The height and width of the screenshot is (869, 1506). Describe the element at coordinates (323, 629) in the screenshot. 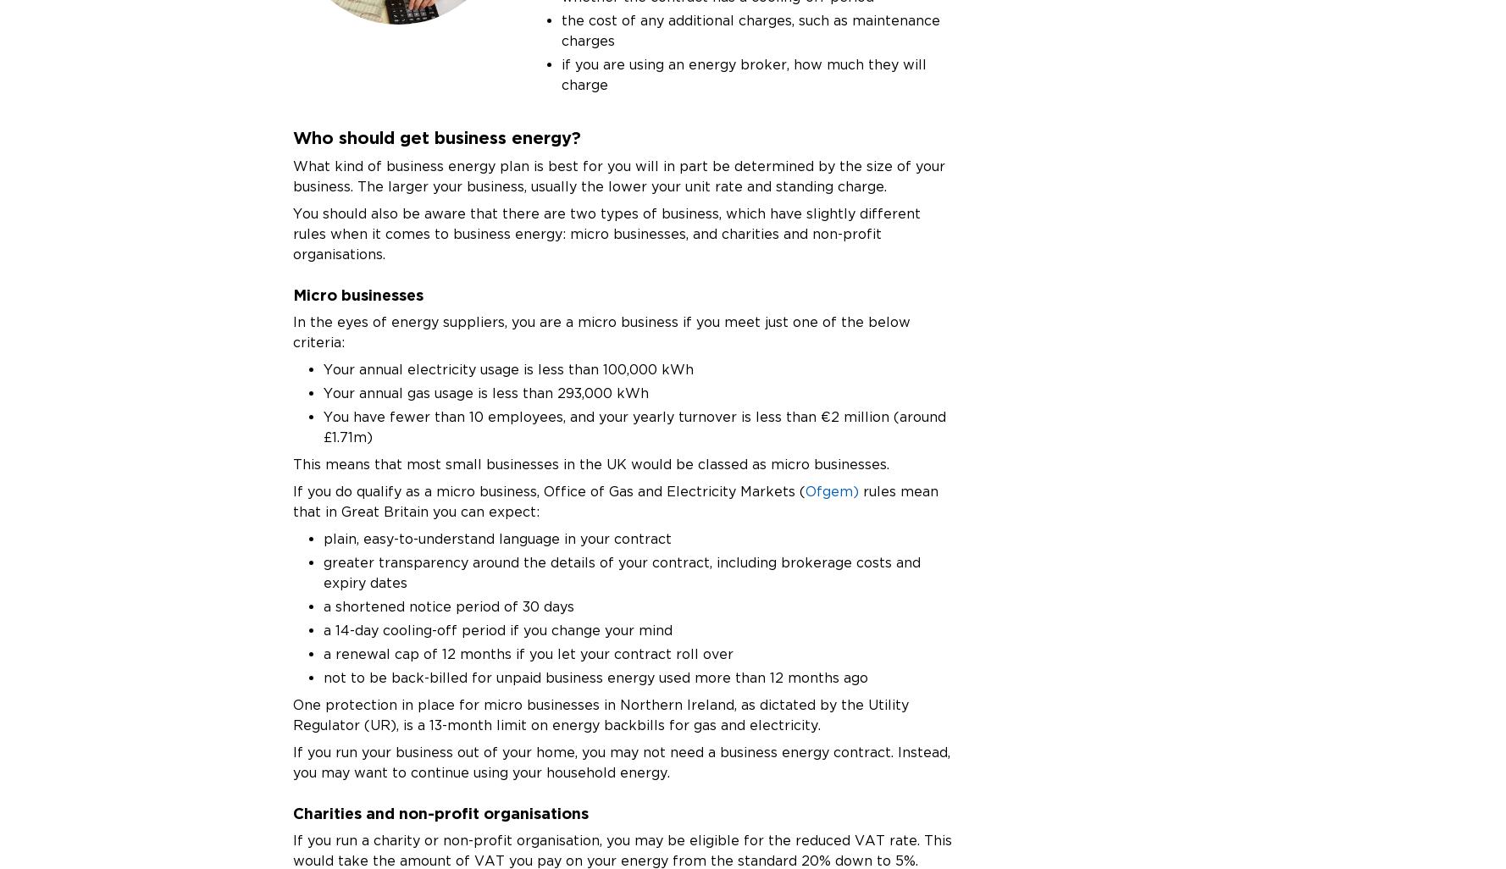

I see `'a 14-day cooling-off period if you change your mind'` at that location.